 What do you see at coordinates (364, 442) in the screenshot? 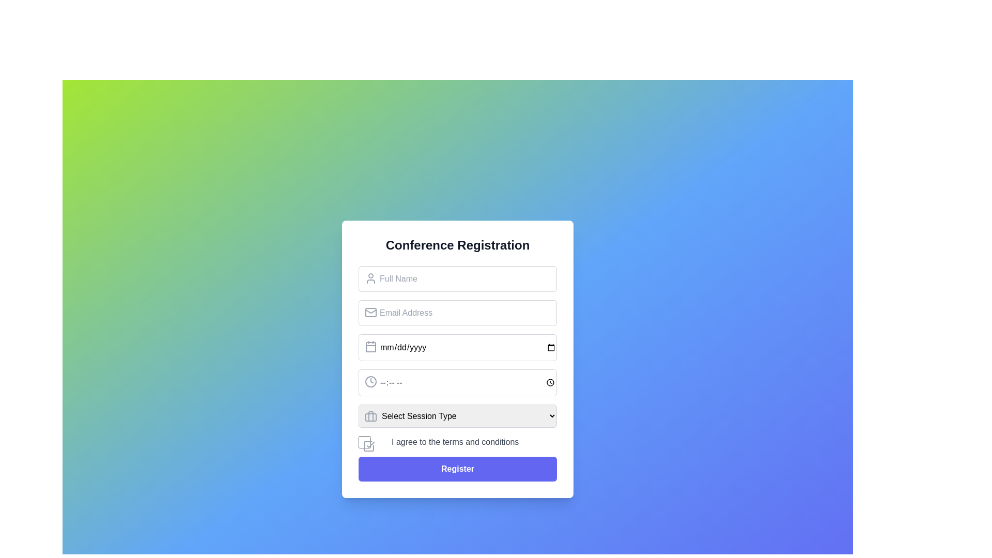
I see `the checkbox indicating agreement to the terms and conditions` at bounding box center [364, 442].